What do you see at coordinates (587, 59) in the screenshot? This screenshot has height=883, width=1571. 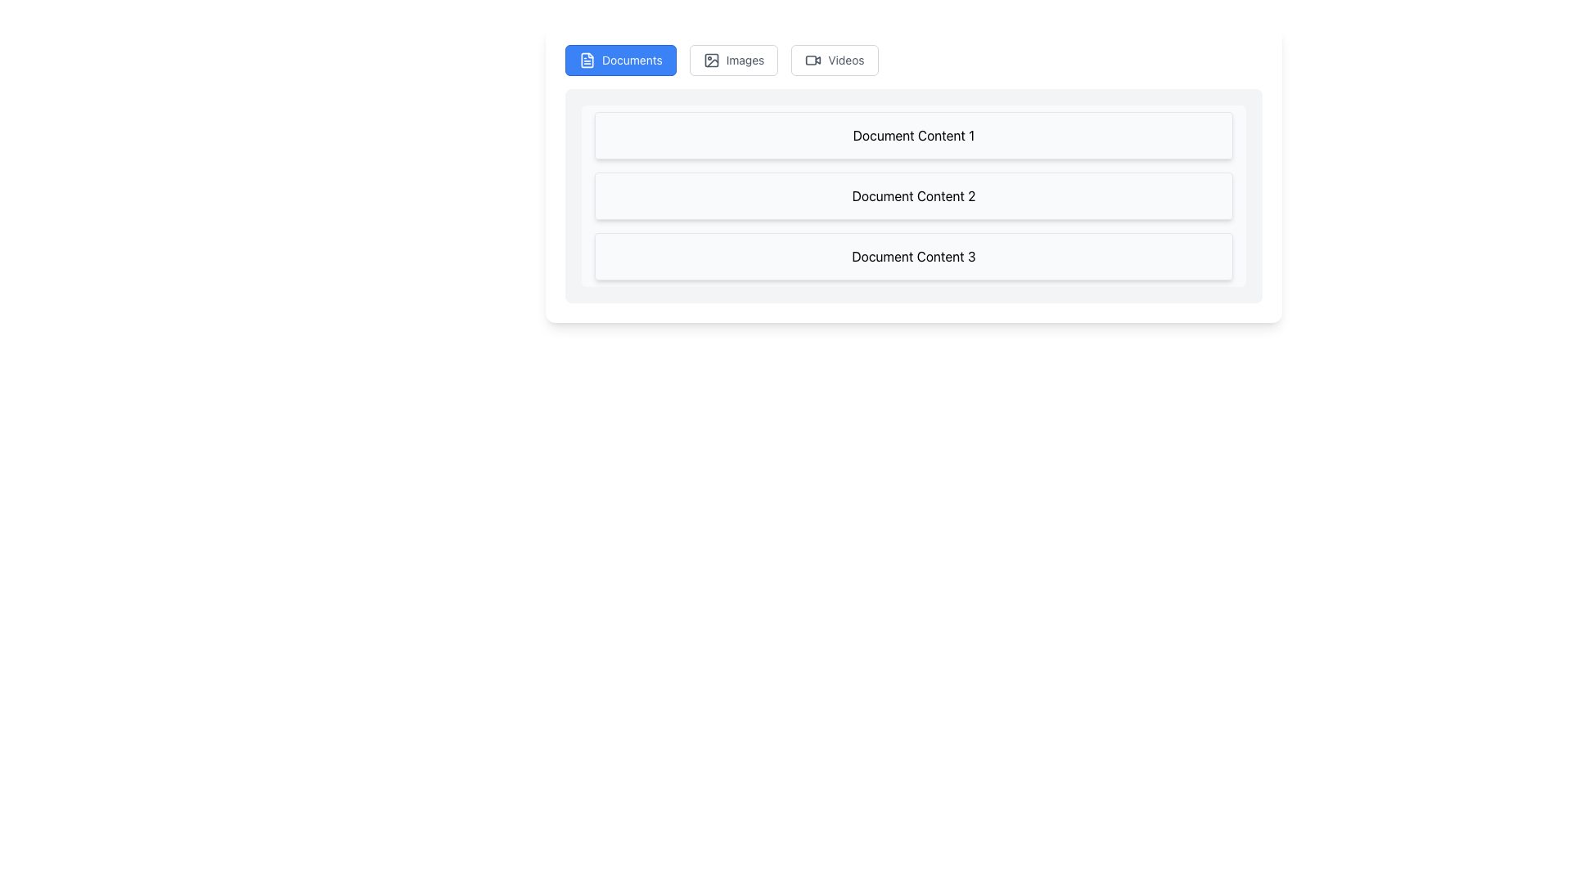 I see `the 'Documents' button which contains the icon representing the 'Documents' section located at the top of the interface` at bounding box center [587, 59].